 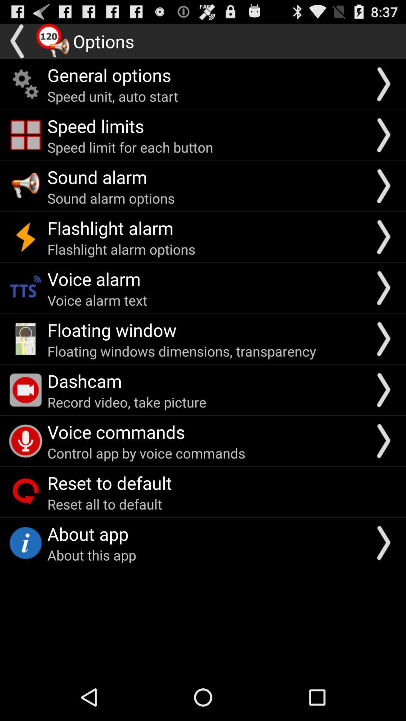 What do you see at coordinates (113, 96) in the screenshot?
I see `the app above speed limits icon` at bounding box center [113, 96].